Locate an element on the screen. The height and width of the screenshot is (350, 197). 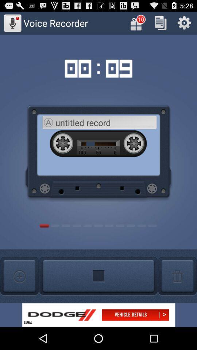
settings options is located at coordinates (184, 23).